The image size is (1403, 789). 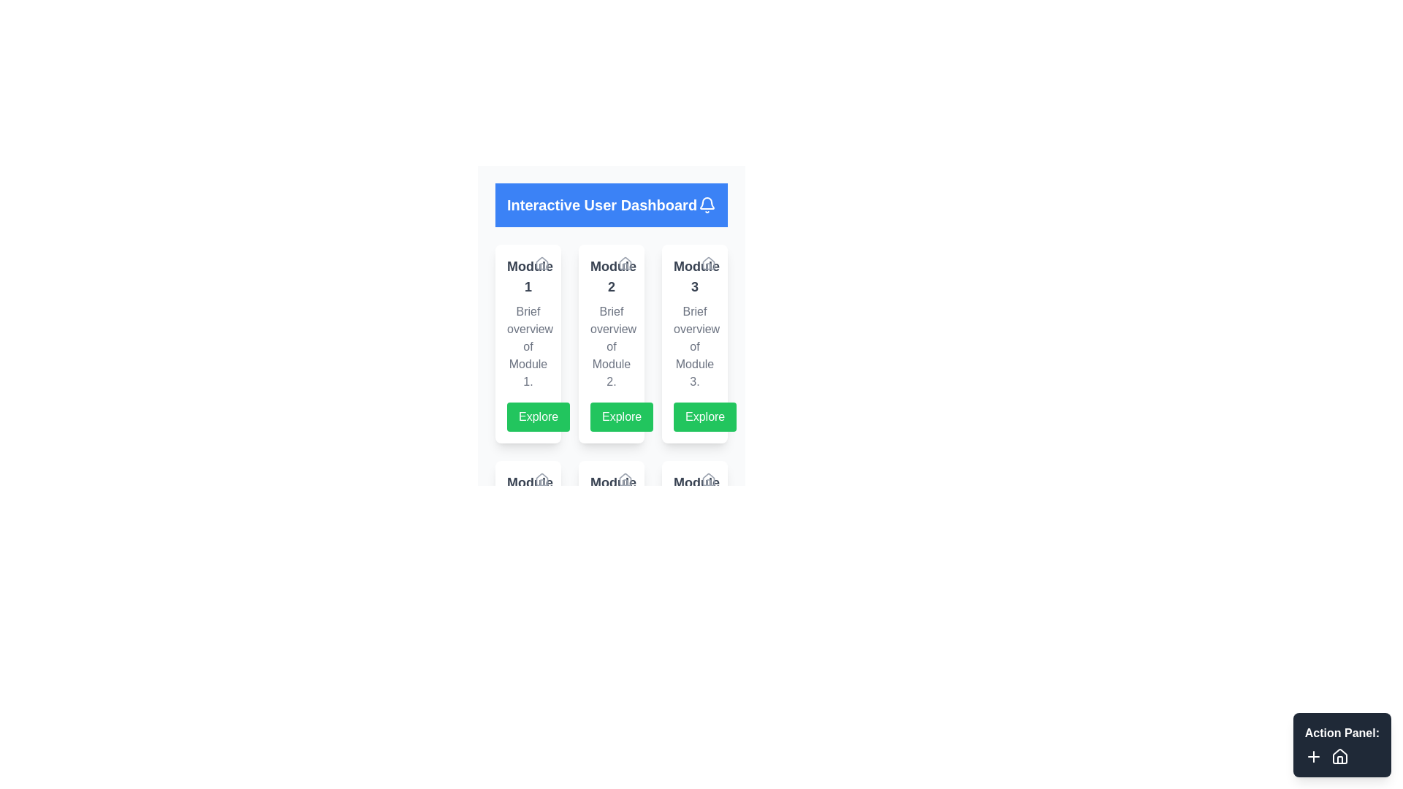 What do you see at coordinates (611, 493) in the screenshot?
I see `the 'Module 5' label, which is displayed in bold, dark gray font above descriptions and buttons, and below a house icon` at bounding box center [611, 493].